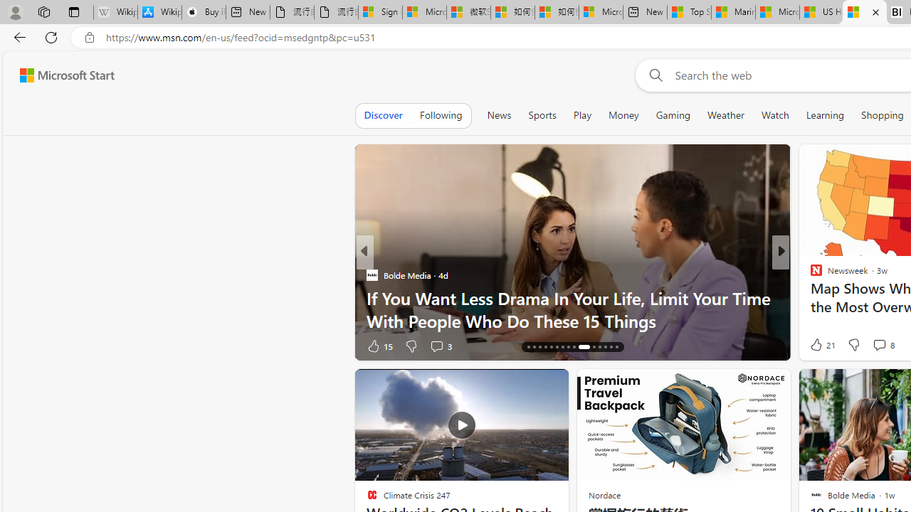  Describe the element at coordinates (562, 347) in the screenshot. I see `'AutomationID: tab-22'` at that location.